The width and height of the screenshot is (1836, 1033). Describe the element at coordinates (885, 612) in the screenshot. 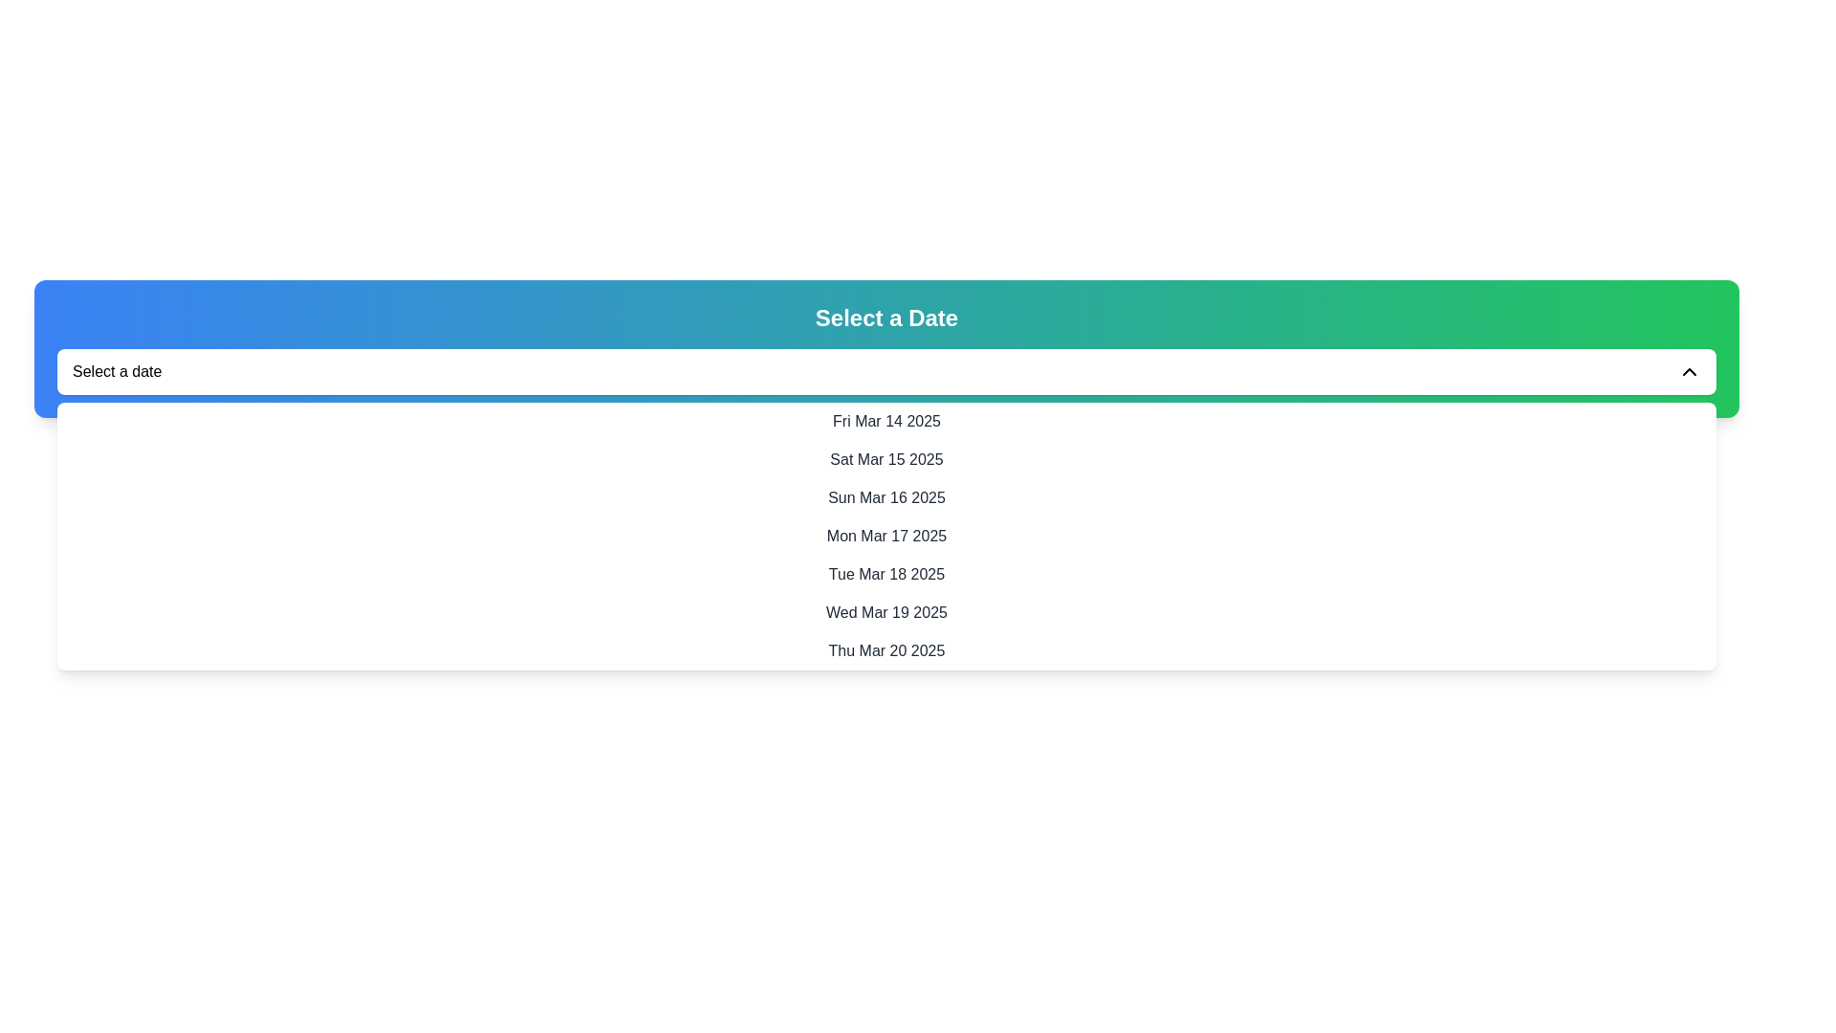

I see `the sixth list item in the dropdown menu` at that location.